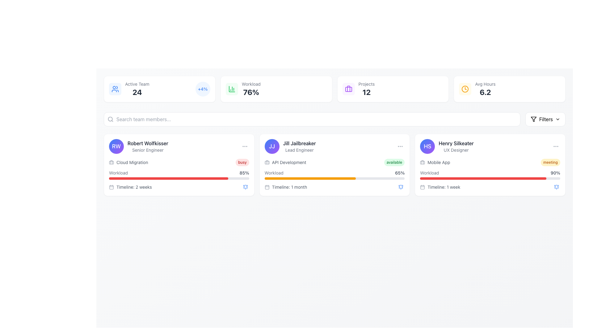 The height and width of the screenshot is (333, 593). I want to click on the calendar icon located to the left of the text 'Timeline: 1 week', which is styled in gray and has a minimalistic design, so click(422, 187).